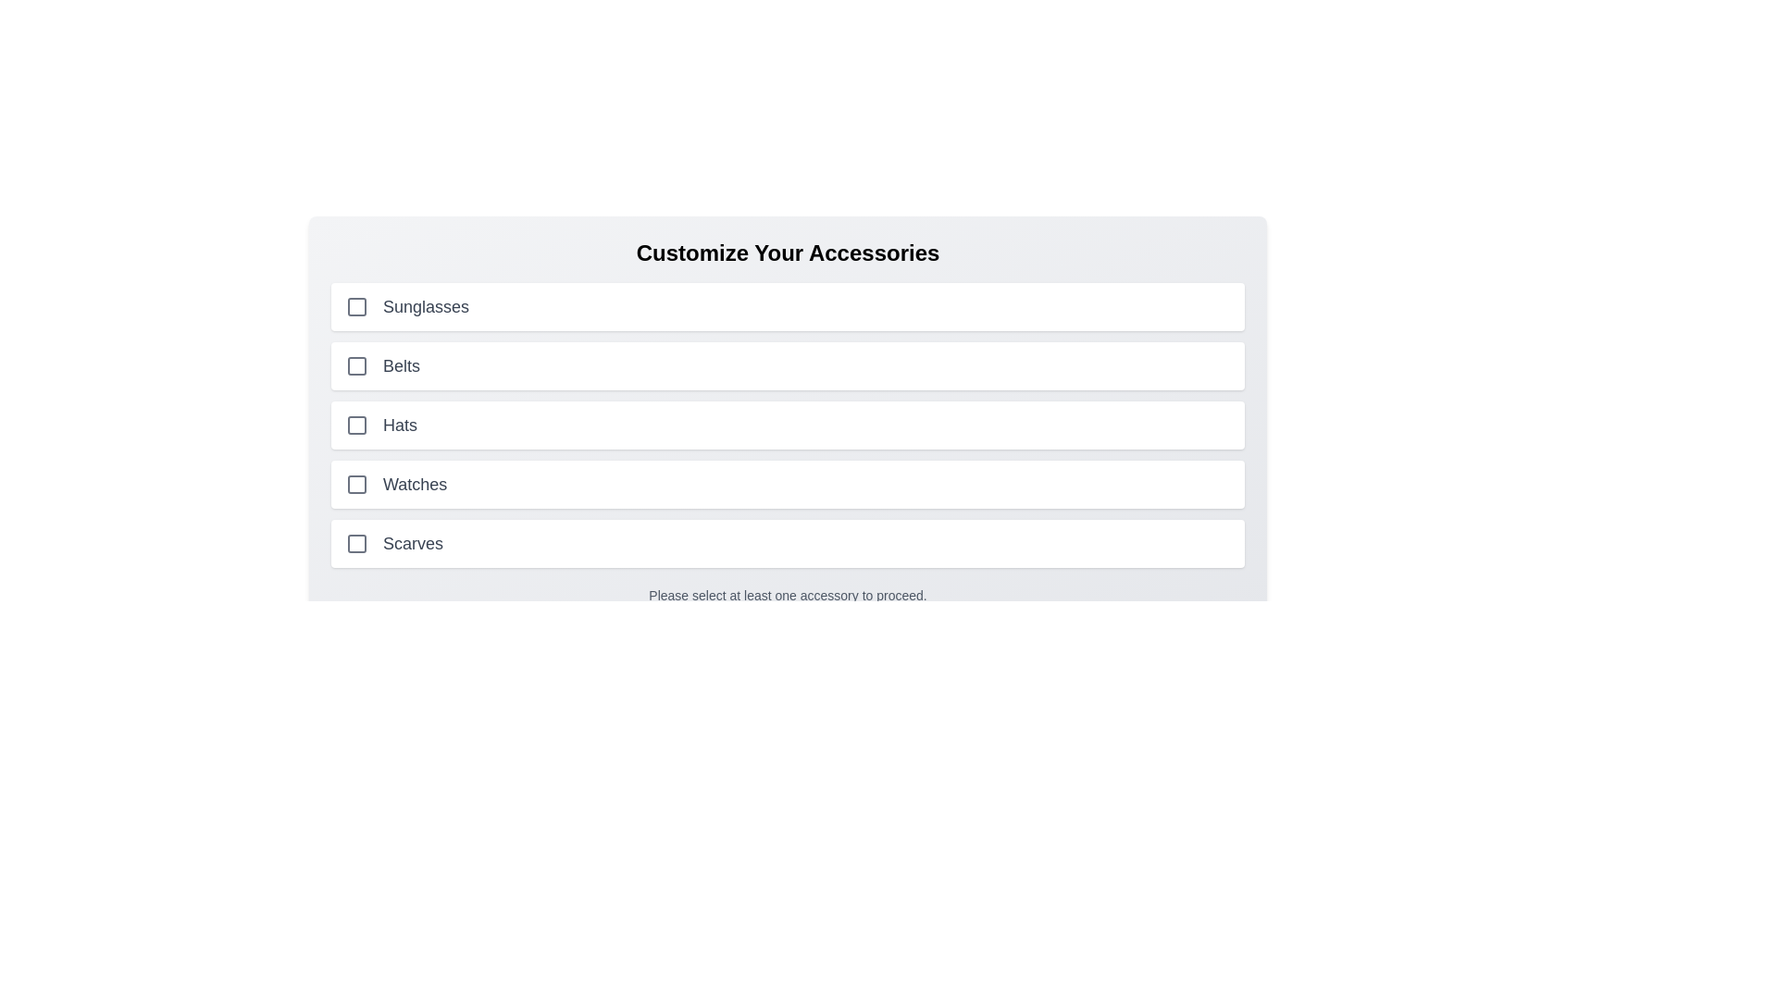 The image size is (1777, 999). What do you see at coordinates (788, 425) in the screenshot?
I see `the 'Hats' option in the selection list` at bounding box center [788, 425].